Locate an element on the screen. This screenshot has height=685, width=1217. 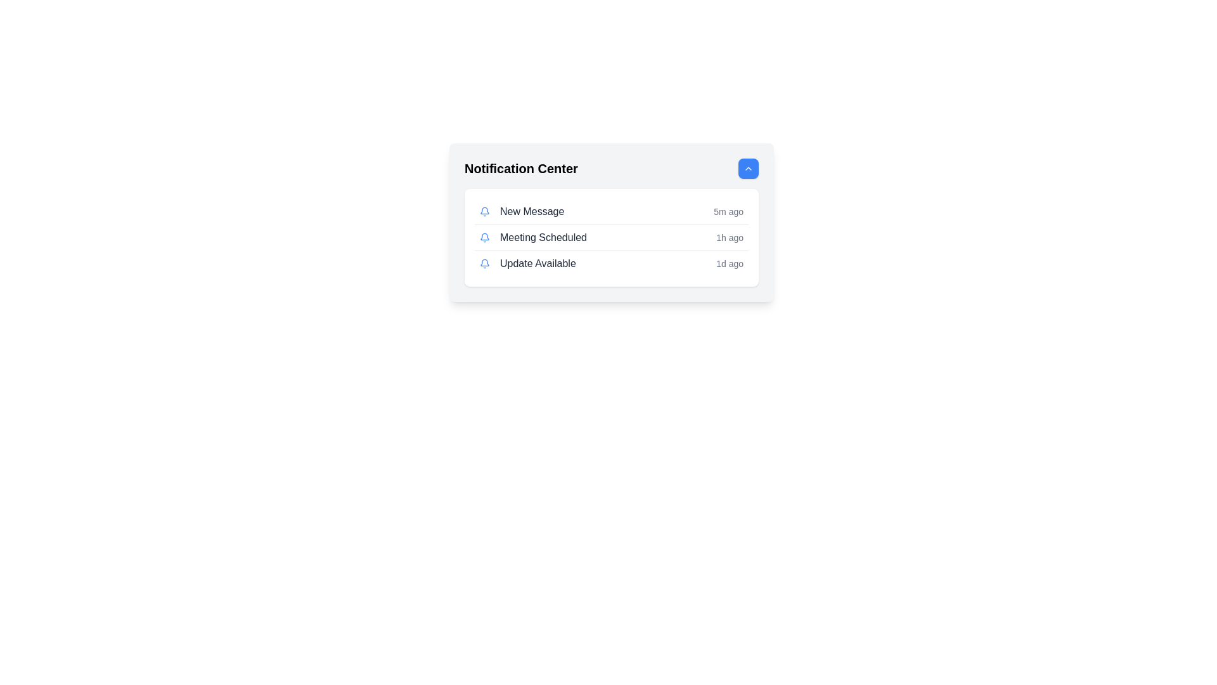
the button located in the top-right corner of the 'Notification Center' section is located at coordinates (748, 168).